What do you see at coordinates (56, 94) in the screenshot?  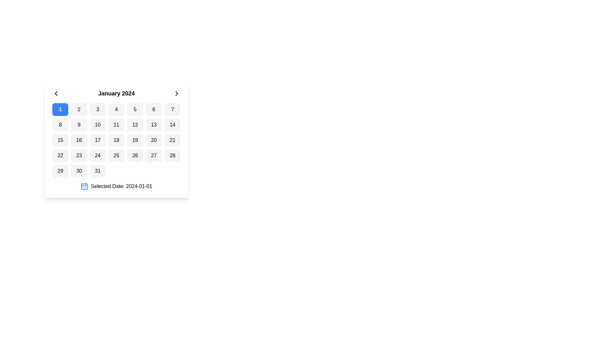 I see `the backward navigation icon in the calendar interface` at bounding box center [56, 94].